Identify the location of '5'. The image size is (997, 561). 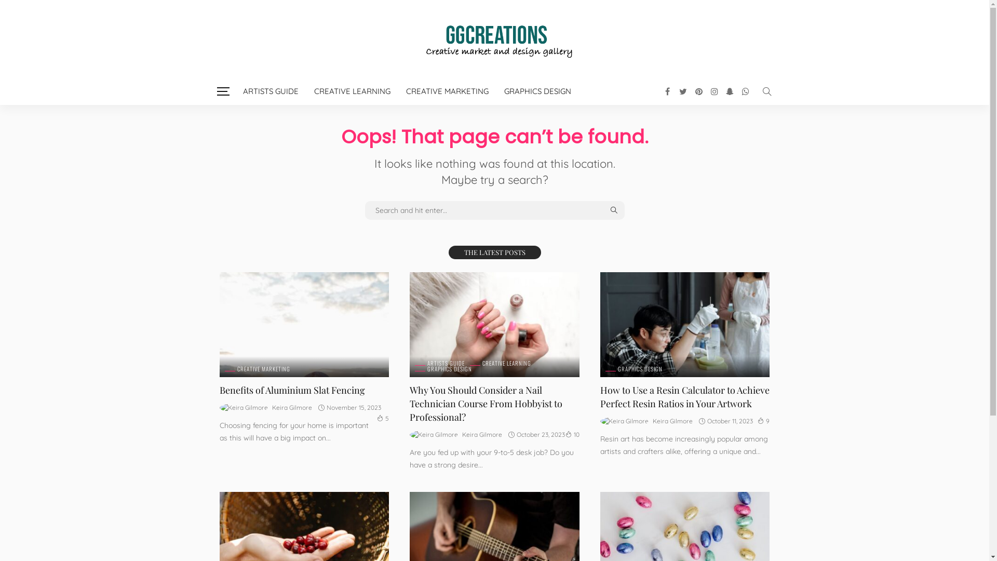
(382, 418).